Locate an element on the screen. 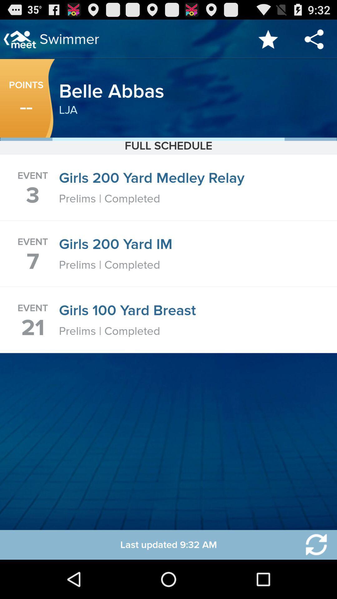 This screenshot has width=337, height=599. showtown is located at coordinates (312, 544).